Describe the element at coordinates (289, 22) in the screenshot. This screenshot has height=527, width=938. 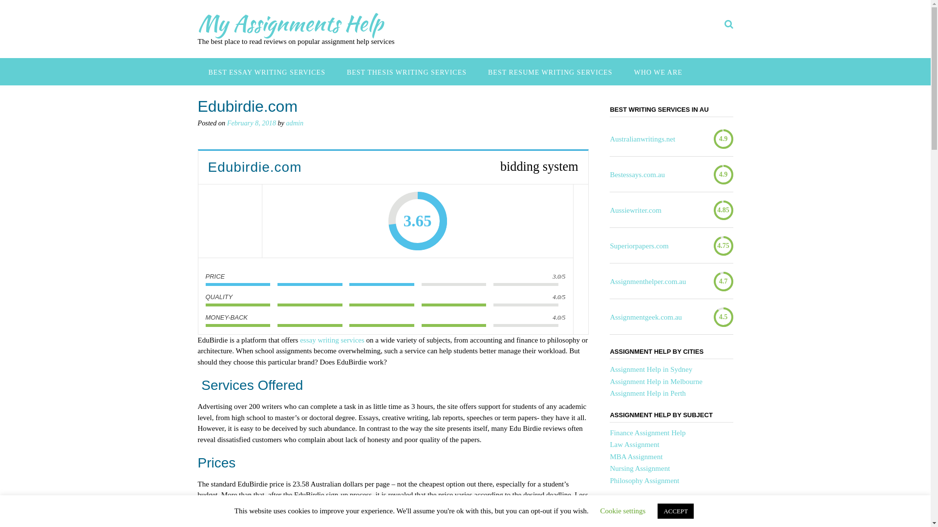
I see `'My Assignments Help'` at that location.